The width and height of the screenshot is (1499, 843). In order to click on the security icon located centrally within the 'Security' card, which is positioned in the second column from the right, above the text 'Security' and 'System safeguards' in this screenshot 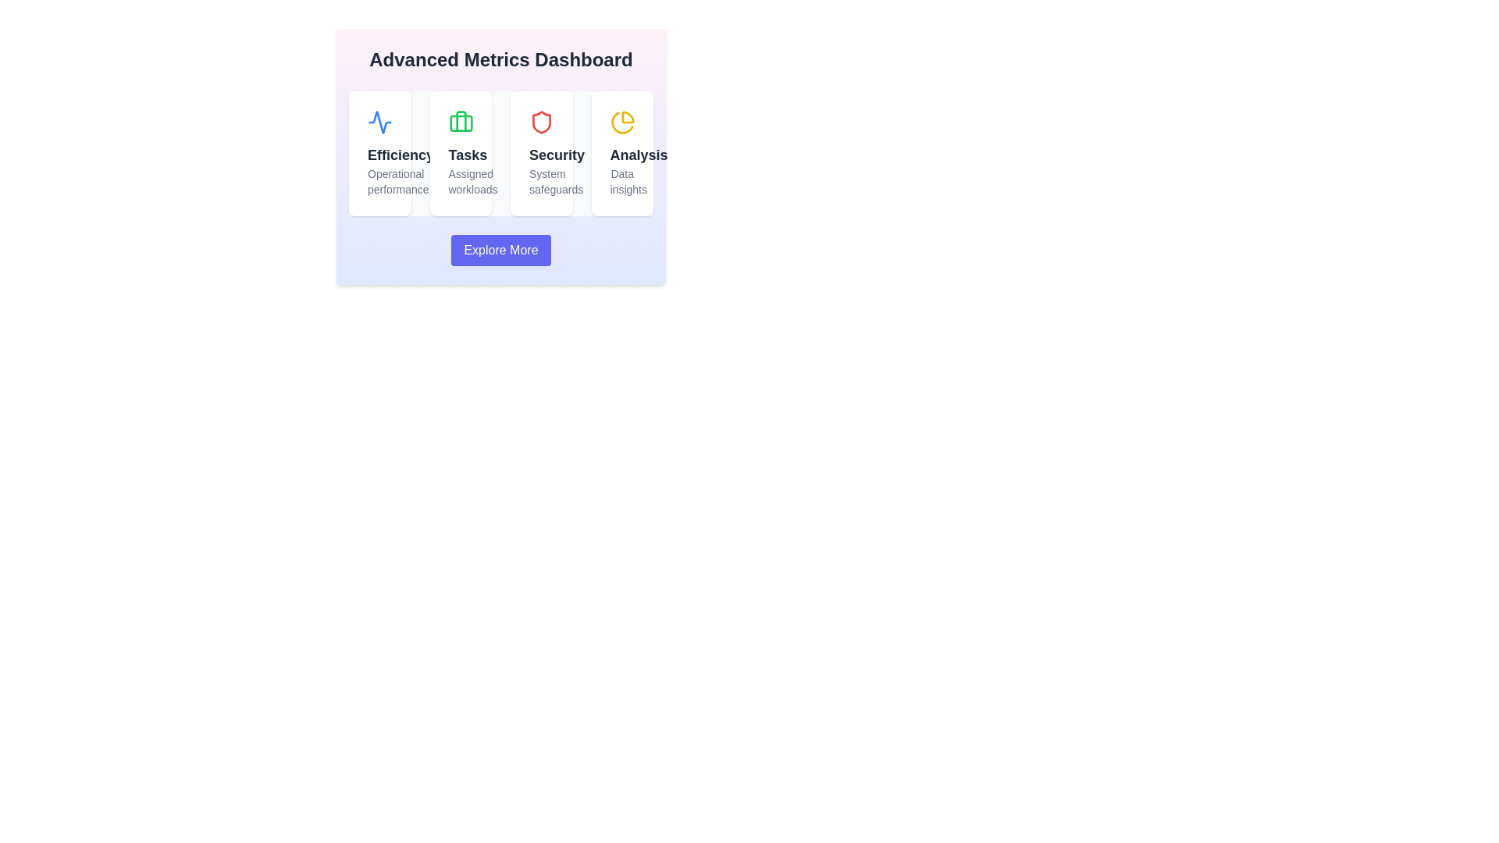, I will do `click(541, 122)`.